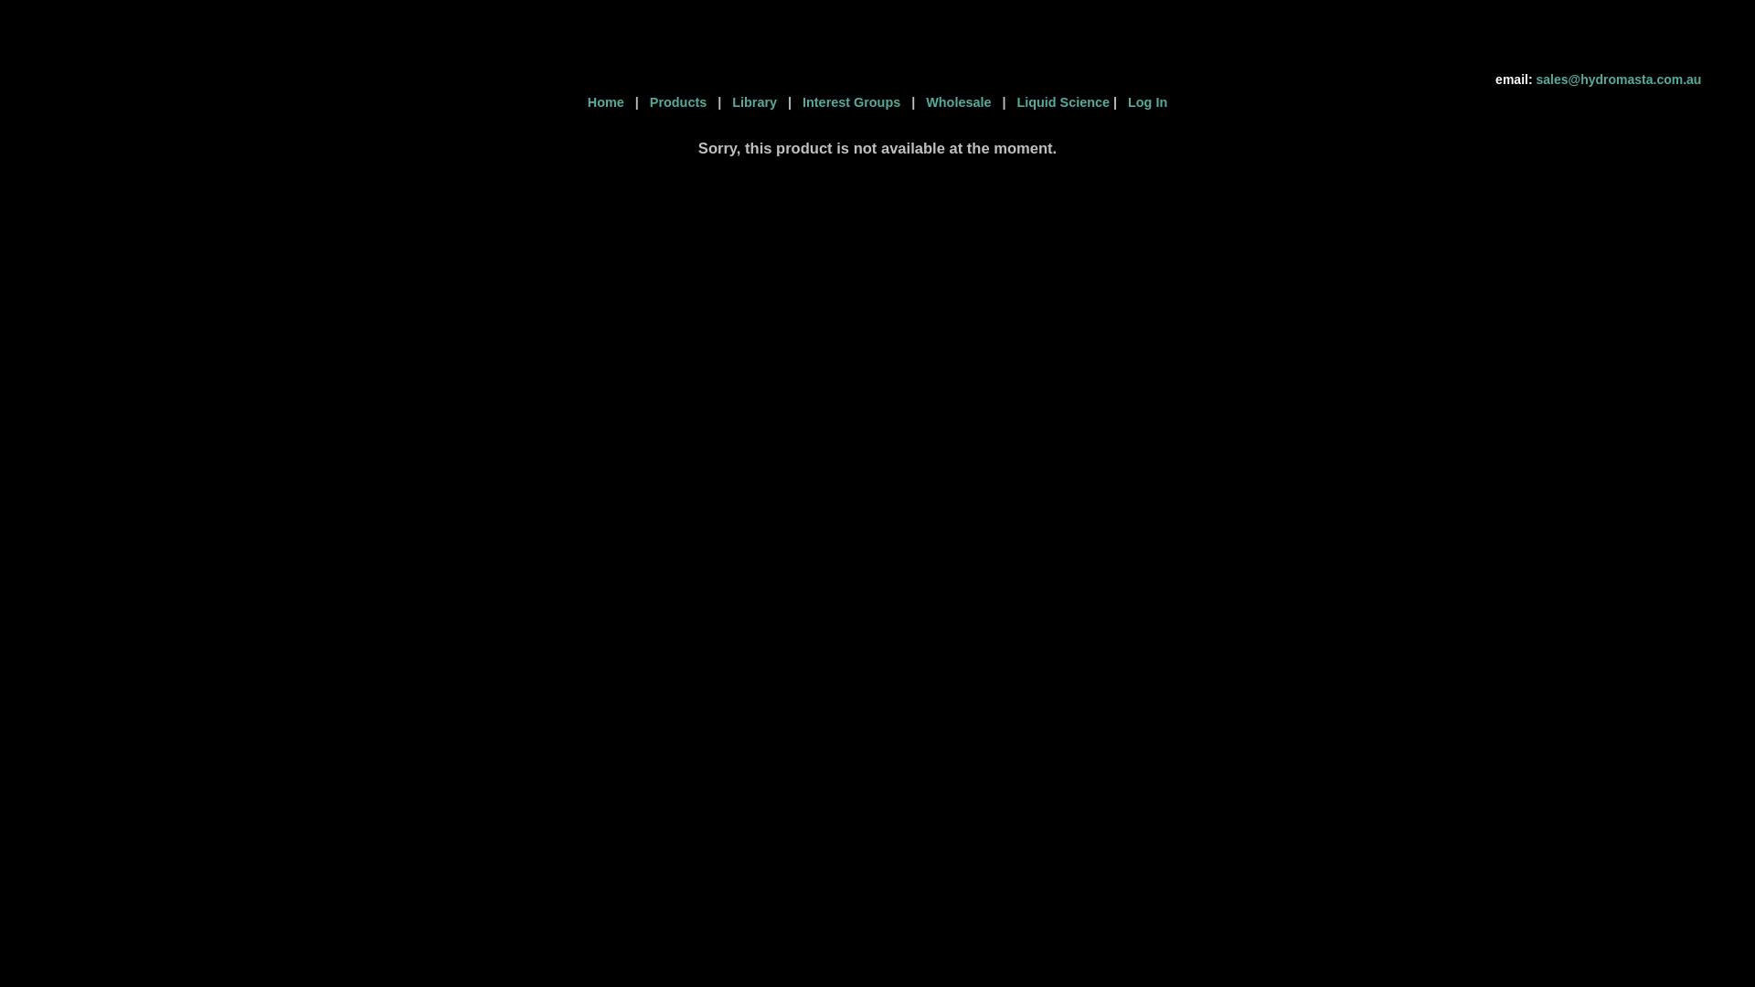 This screenshot has width=1755, height=987. I want to click on 'Home  ', so click(588, 101).